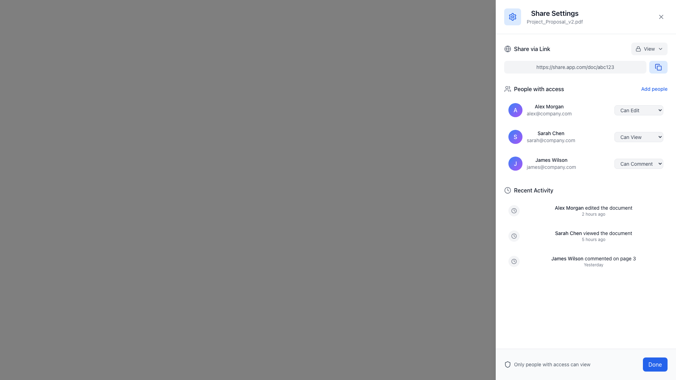  I want to click on the access rights dropdown for the user entry of 'Sarah Chen' in the 'People with access' section to modify access rights, so click(586, 137).